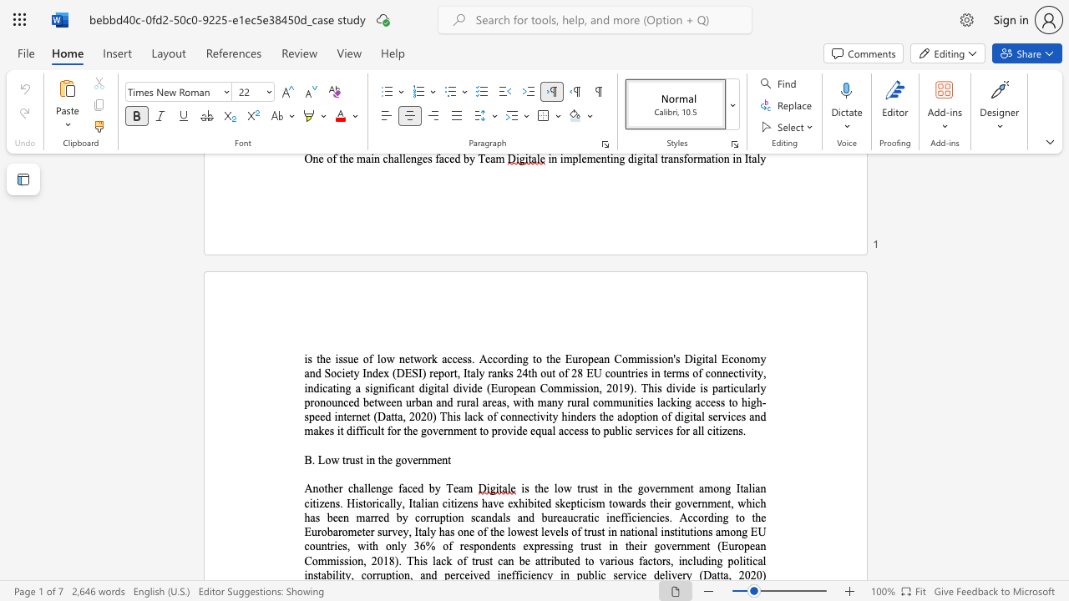 The image size is (1069, 601). Describe the element at coordinates (457, 503) in the screenshot. I see `the subset text "zens ha" within the text "is the low trust in the government among Italian citizens. Historically, Italian citizens have"` at that location.